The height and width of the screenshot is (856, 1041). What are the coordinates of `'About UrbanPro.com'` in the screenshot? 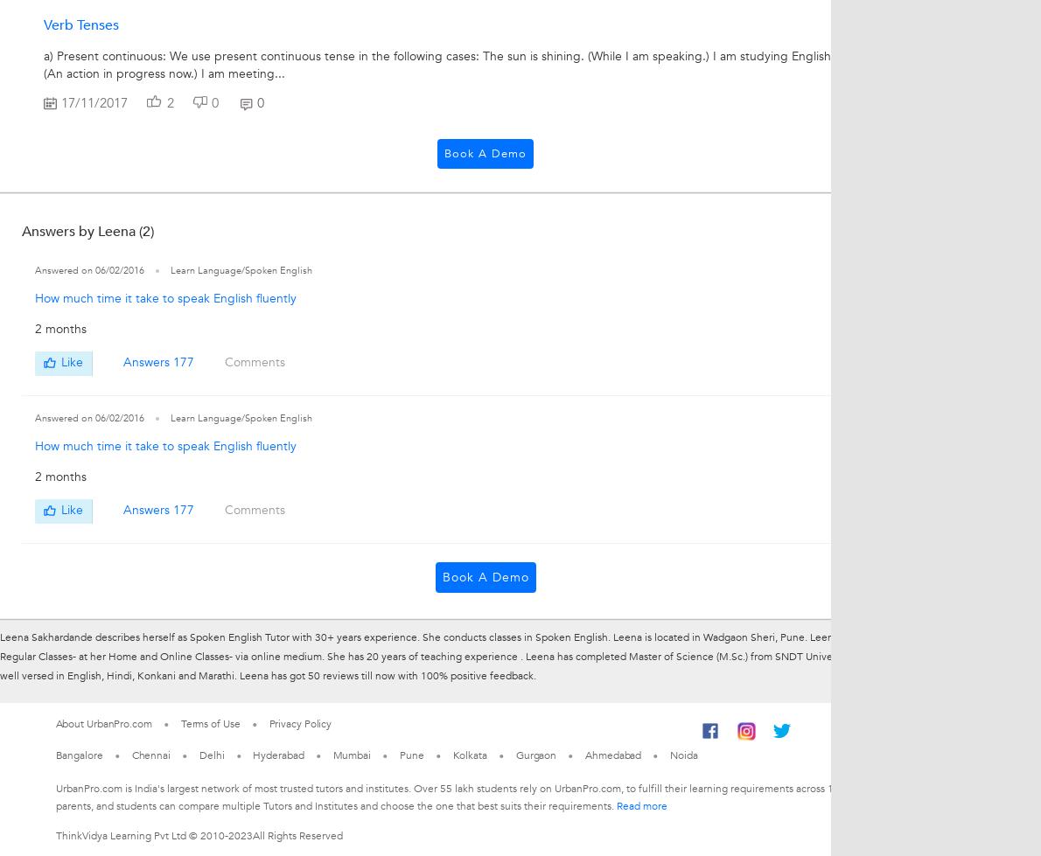 It's located at (102, 721).